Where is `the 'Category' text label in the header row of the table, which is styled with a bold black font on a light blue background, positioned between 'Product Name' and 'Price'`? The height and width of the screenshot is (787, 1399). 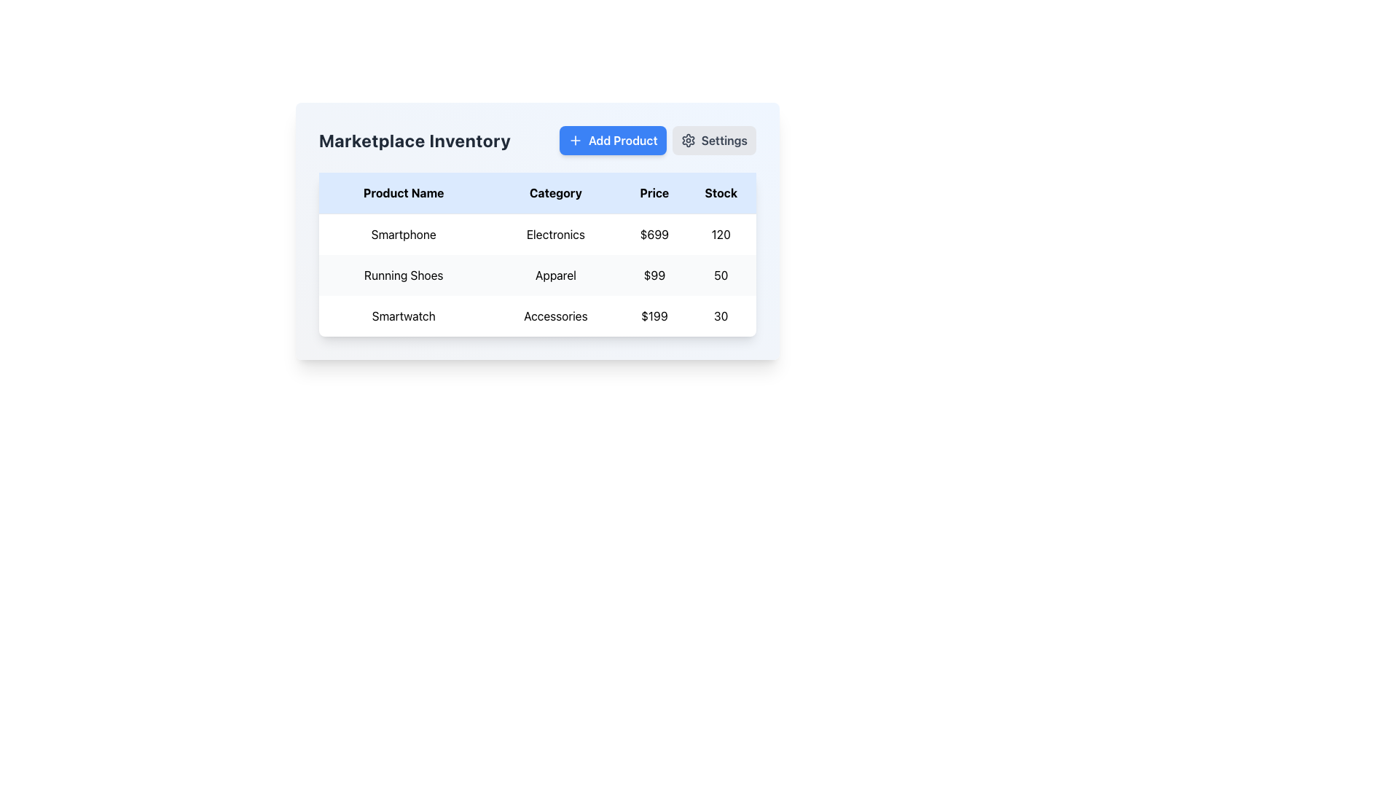
the 'Category' text label in the header row of the table, which is styled with a bold black font on a light blue background, positioned between 'Product Name' and 'Price' is located at coordinates (554, 192).